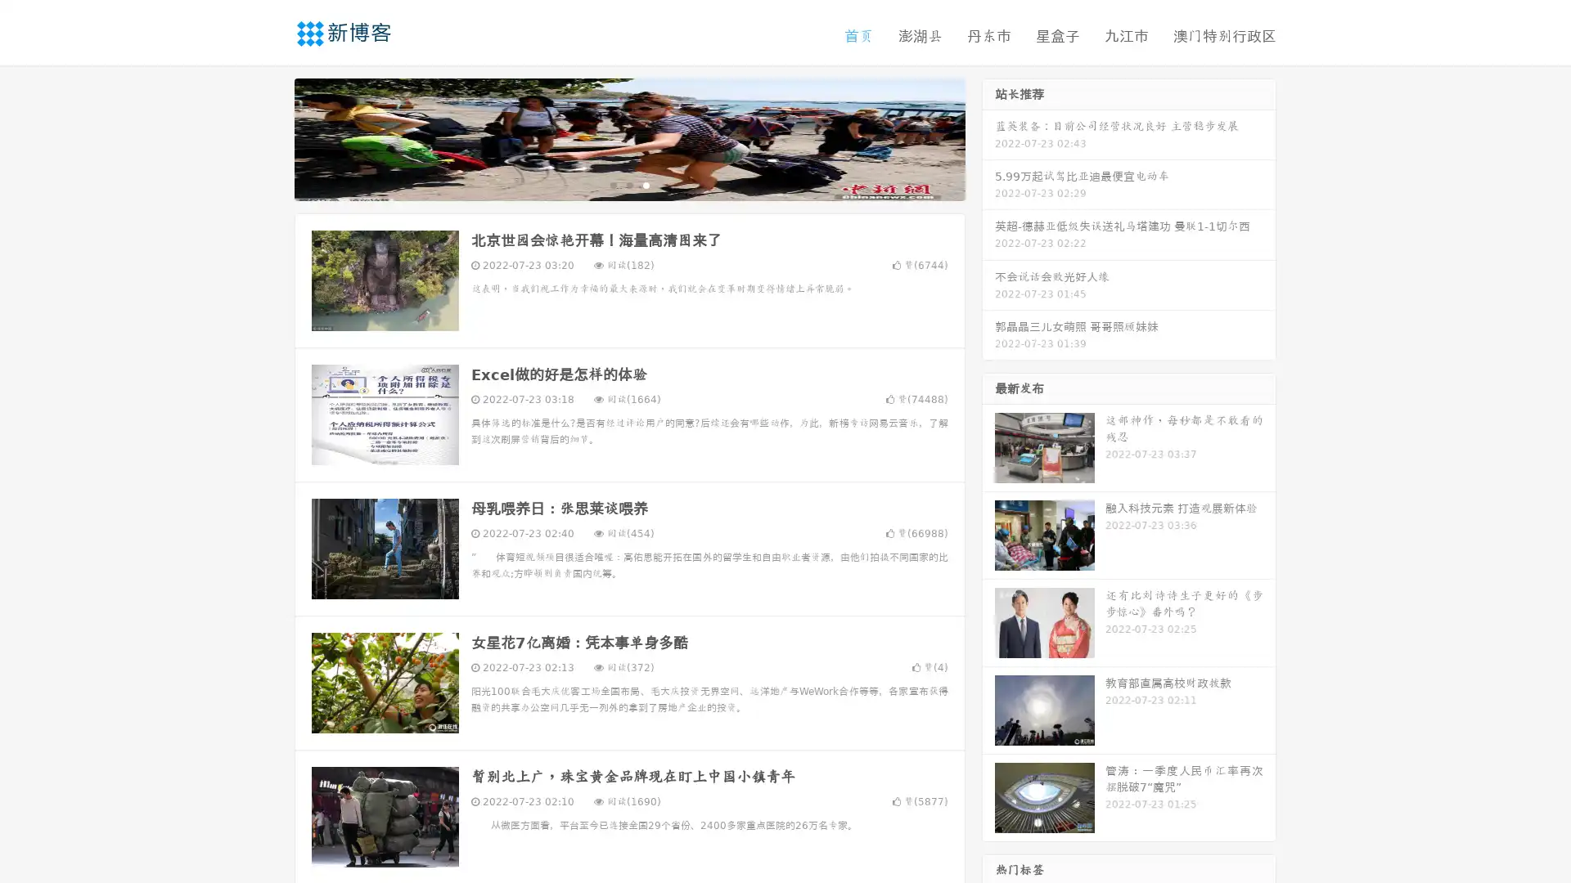  What do you see at coordinates (612, 184) in the screenshot?
I see `Go to slide 1` at bounding box center [612, 184].